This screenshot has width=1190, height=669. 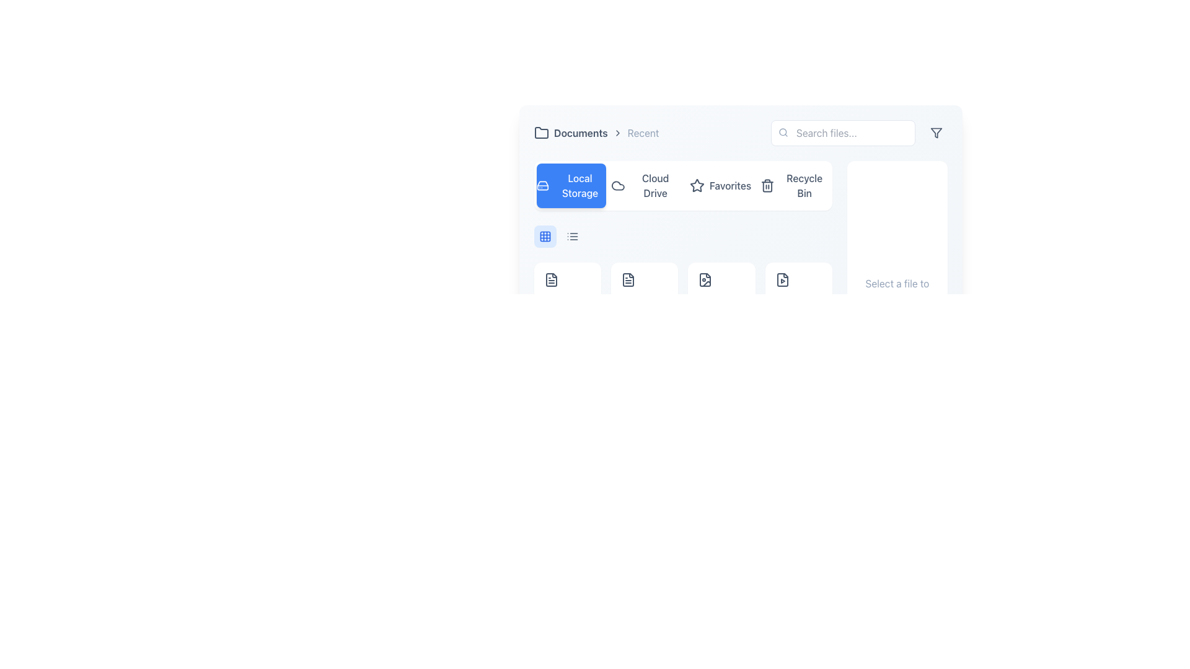 What do you see at coordinates (558, 236) in the screenshot?
I see `the button in the control group that allows switching views within the toolbar, located centrally and second from the left` at bounding box center [558, 236].